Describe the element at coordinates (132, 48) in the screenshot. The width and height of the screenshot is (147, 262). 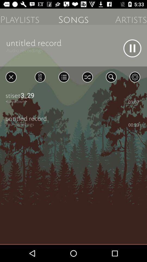
I see `pause option` at that location.